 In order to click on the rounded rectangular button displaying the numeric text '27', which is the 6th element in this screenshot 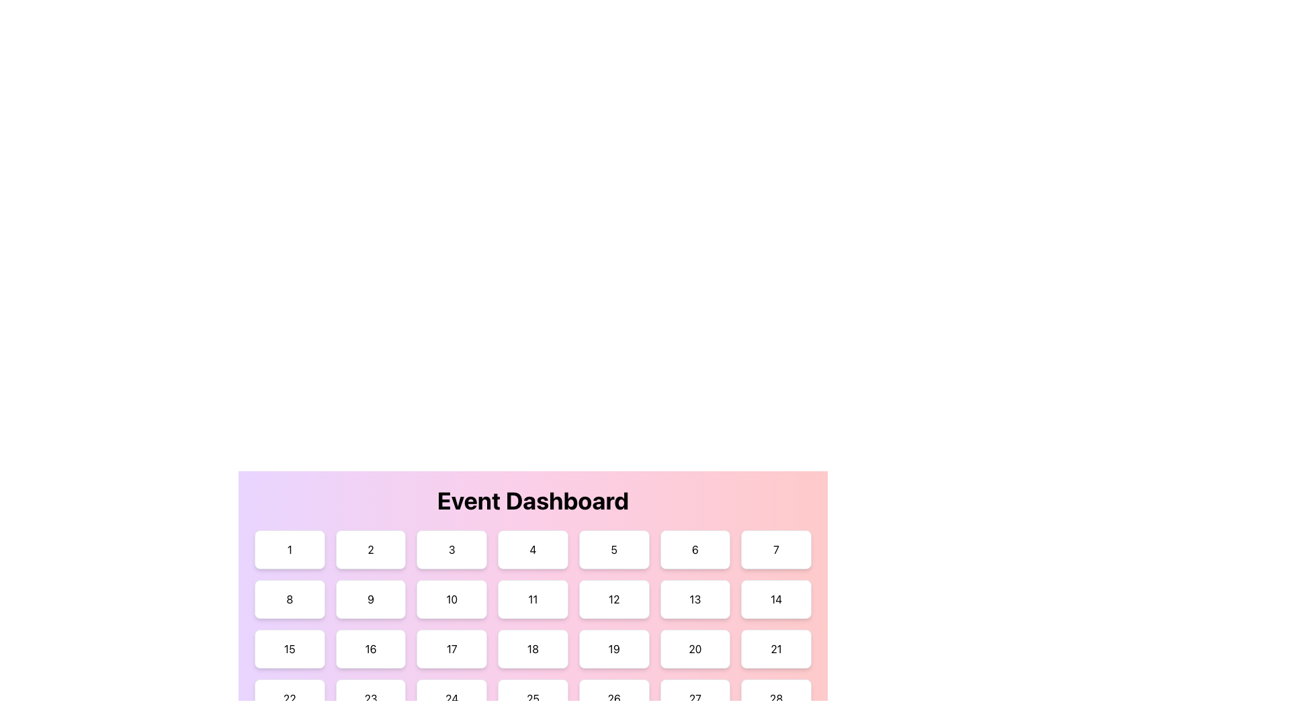, I will do `click(695, 698)`.